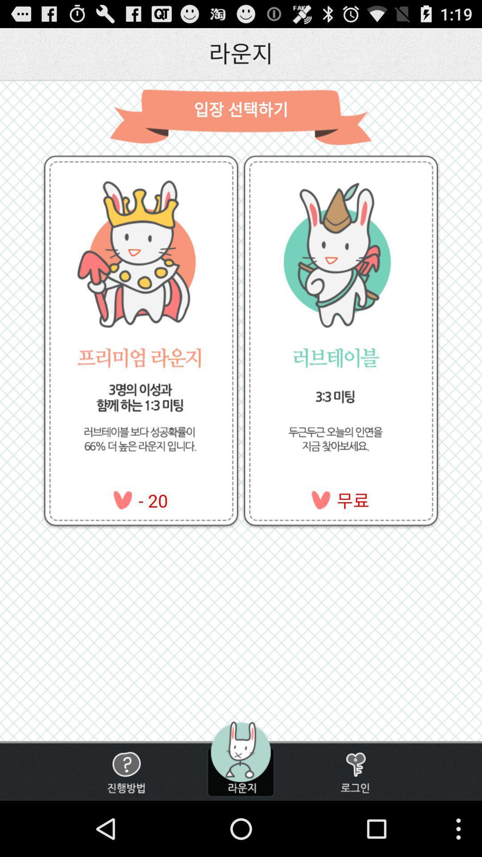 The image size is (482, 857). I want to click on option, so click(126, 771).